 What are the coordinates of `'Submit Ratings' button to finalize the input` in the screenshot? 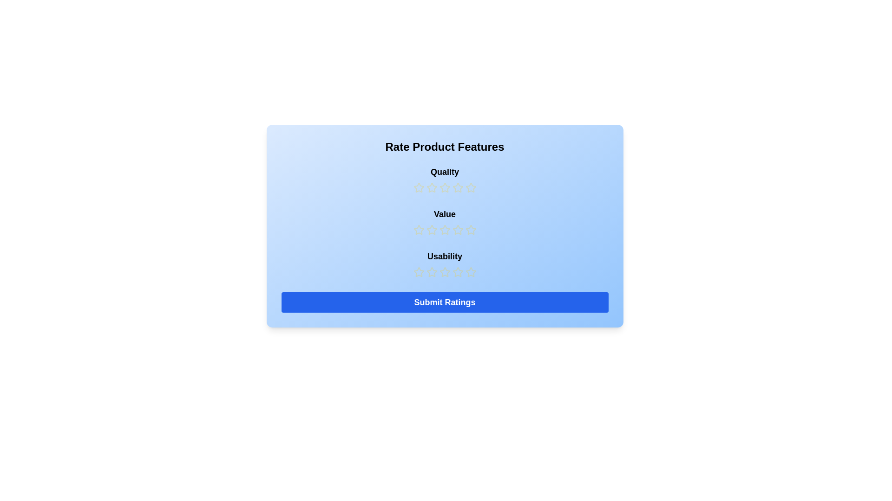 It's located at (444, 302).